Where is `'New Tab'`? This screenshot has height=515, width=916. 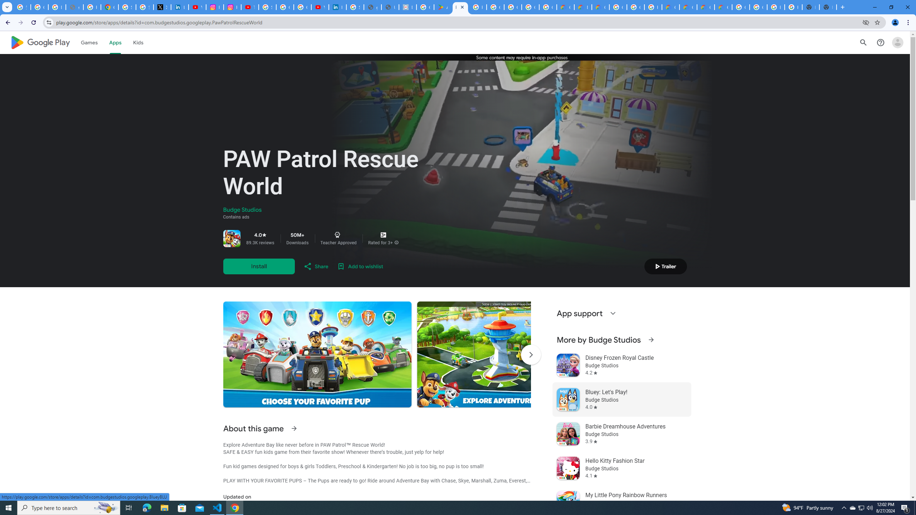
'New Tab' is located at coordinates (828, 7).